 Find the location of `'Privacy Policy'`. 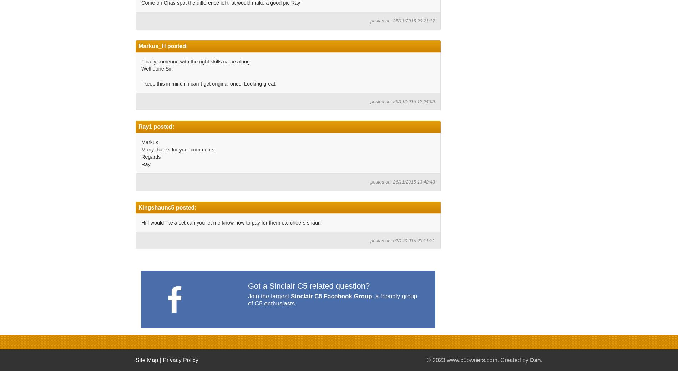

'Privacy Policy' is located at coordinates (180, 360).